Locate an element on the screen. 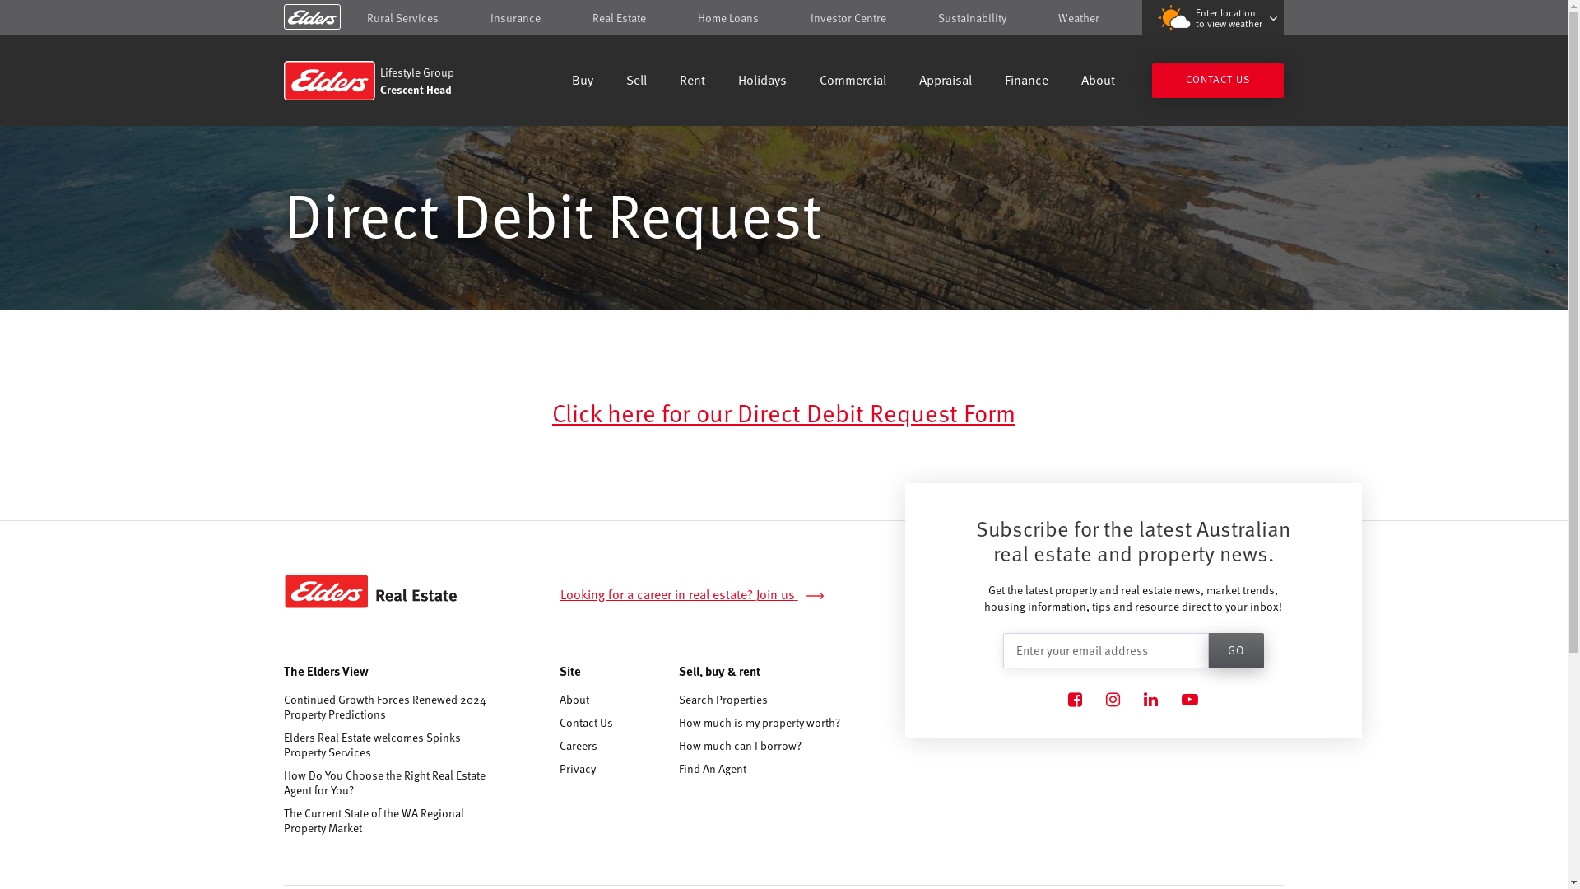 Image resolution: width=1580 pixels, height=889 pixels. 'Continued Growth Forces Renewed 2024 Property Predictions' is located at coordinates (388, 706).